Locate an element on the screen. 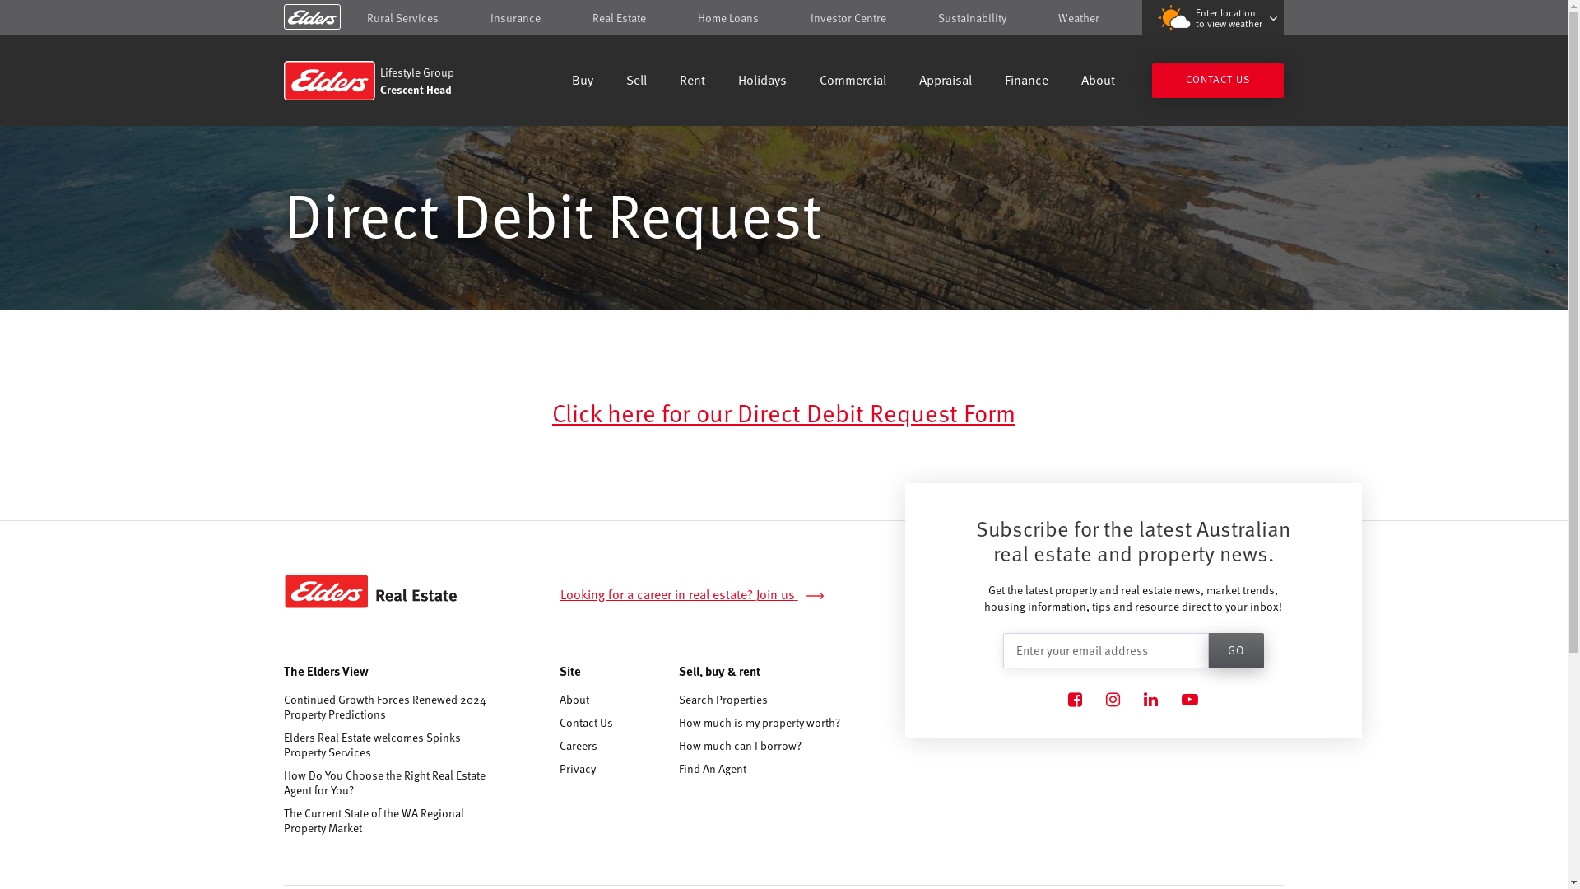 Image resolution: width=1580 pixels, height=889 pixels. 'Continued Growth Forces Renewed 2024 Property Predictions' is located at coordinates (388, 706).